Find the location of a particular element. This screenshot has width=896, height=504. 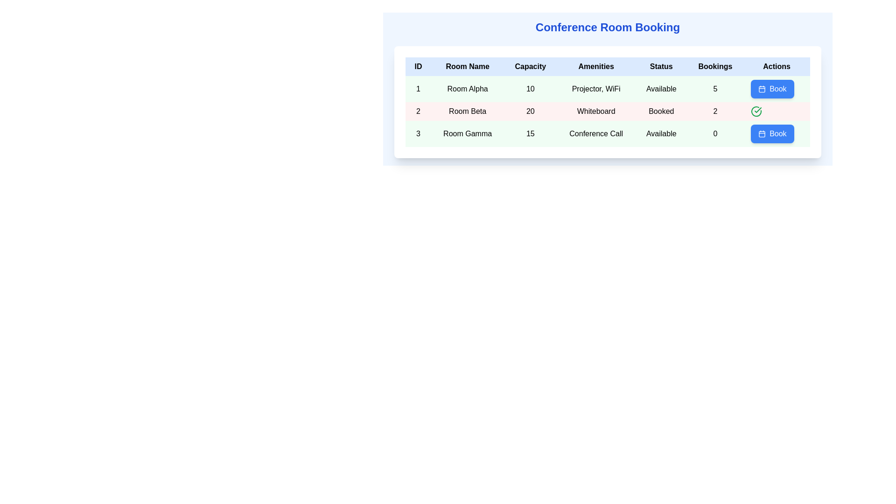

the calendar icon located in the 'Actions' column of the third row in the table, which serves as a visual cue for booking or scheduling actions is located at coordinates (762, 134).